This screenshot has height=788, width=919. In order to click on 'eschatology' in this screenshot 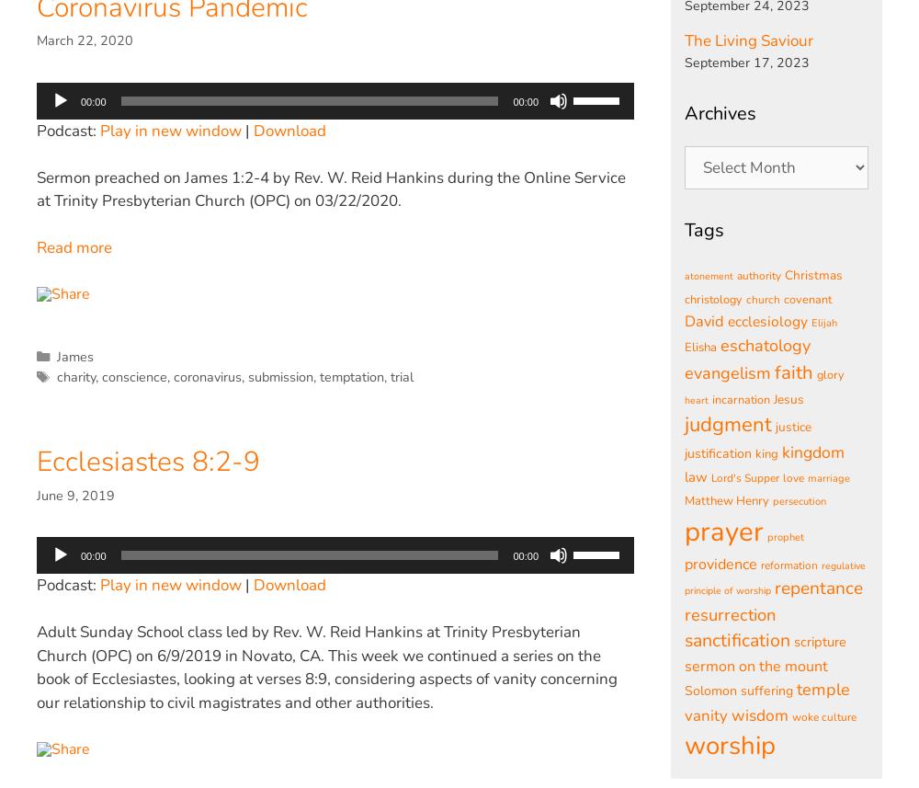, I will do `click(765, 344)`.